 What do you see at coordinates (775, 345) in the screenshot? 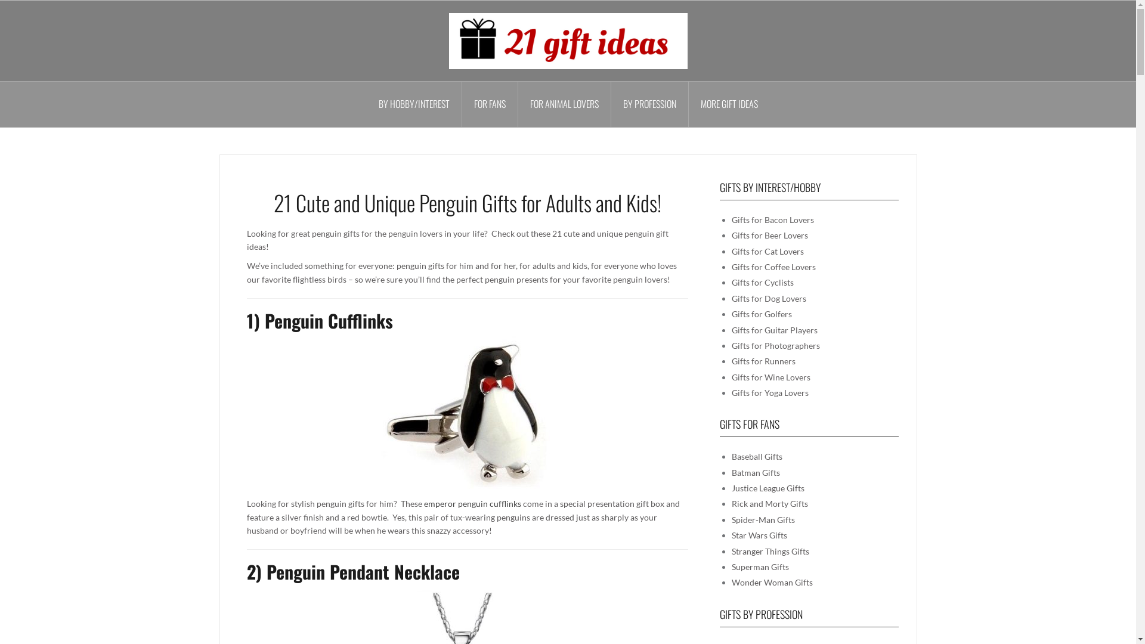
I see `'Gifts for Photographers'` at bounding box center [775, 345].